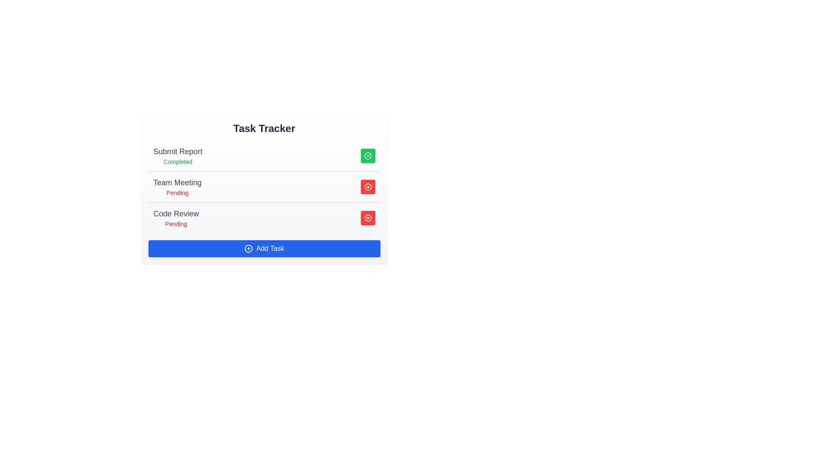 This screenshot has width=819, height=460. Describe the element at coordinates (175, 223) in the screenshot. I see `the text label displaying 'Pending' in red color, located in the third row of the task list below the 'Code Review' title` at that location.